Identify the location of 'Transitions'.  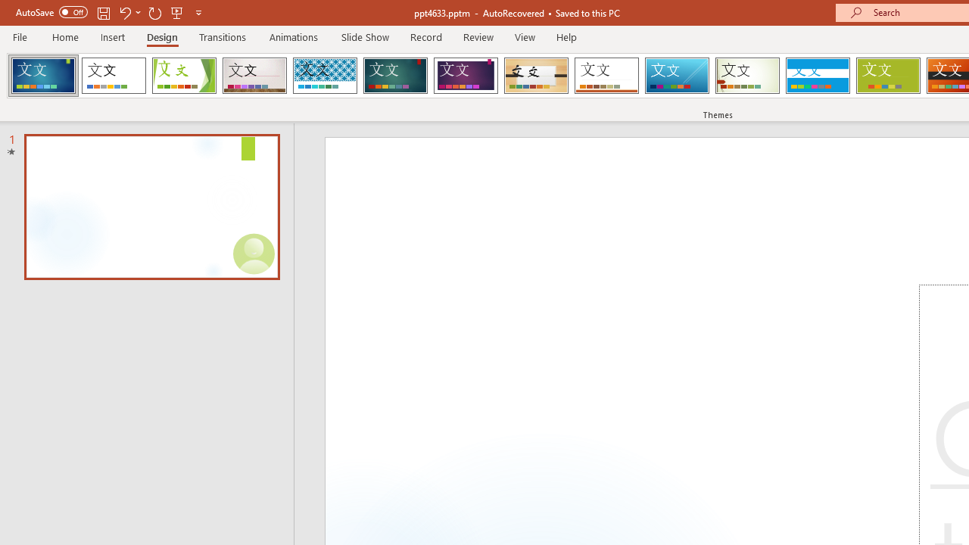
(223, 36).